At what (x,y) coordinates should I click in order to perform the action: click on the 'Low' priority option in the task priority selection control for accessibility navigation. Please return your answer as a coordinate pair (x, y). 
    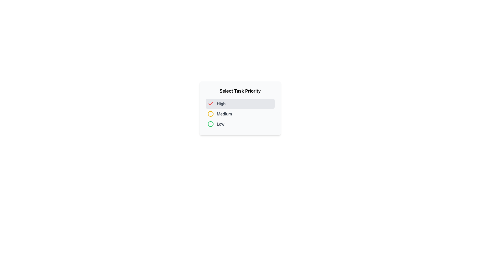
    Looking at the image, I should click on (240, 124).